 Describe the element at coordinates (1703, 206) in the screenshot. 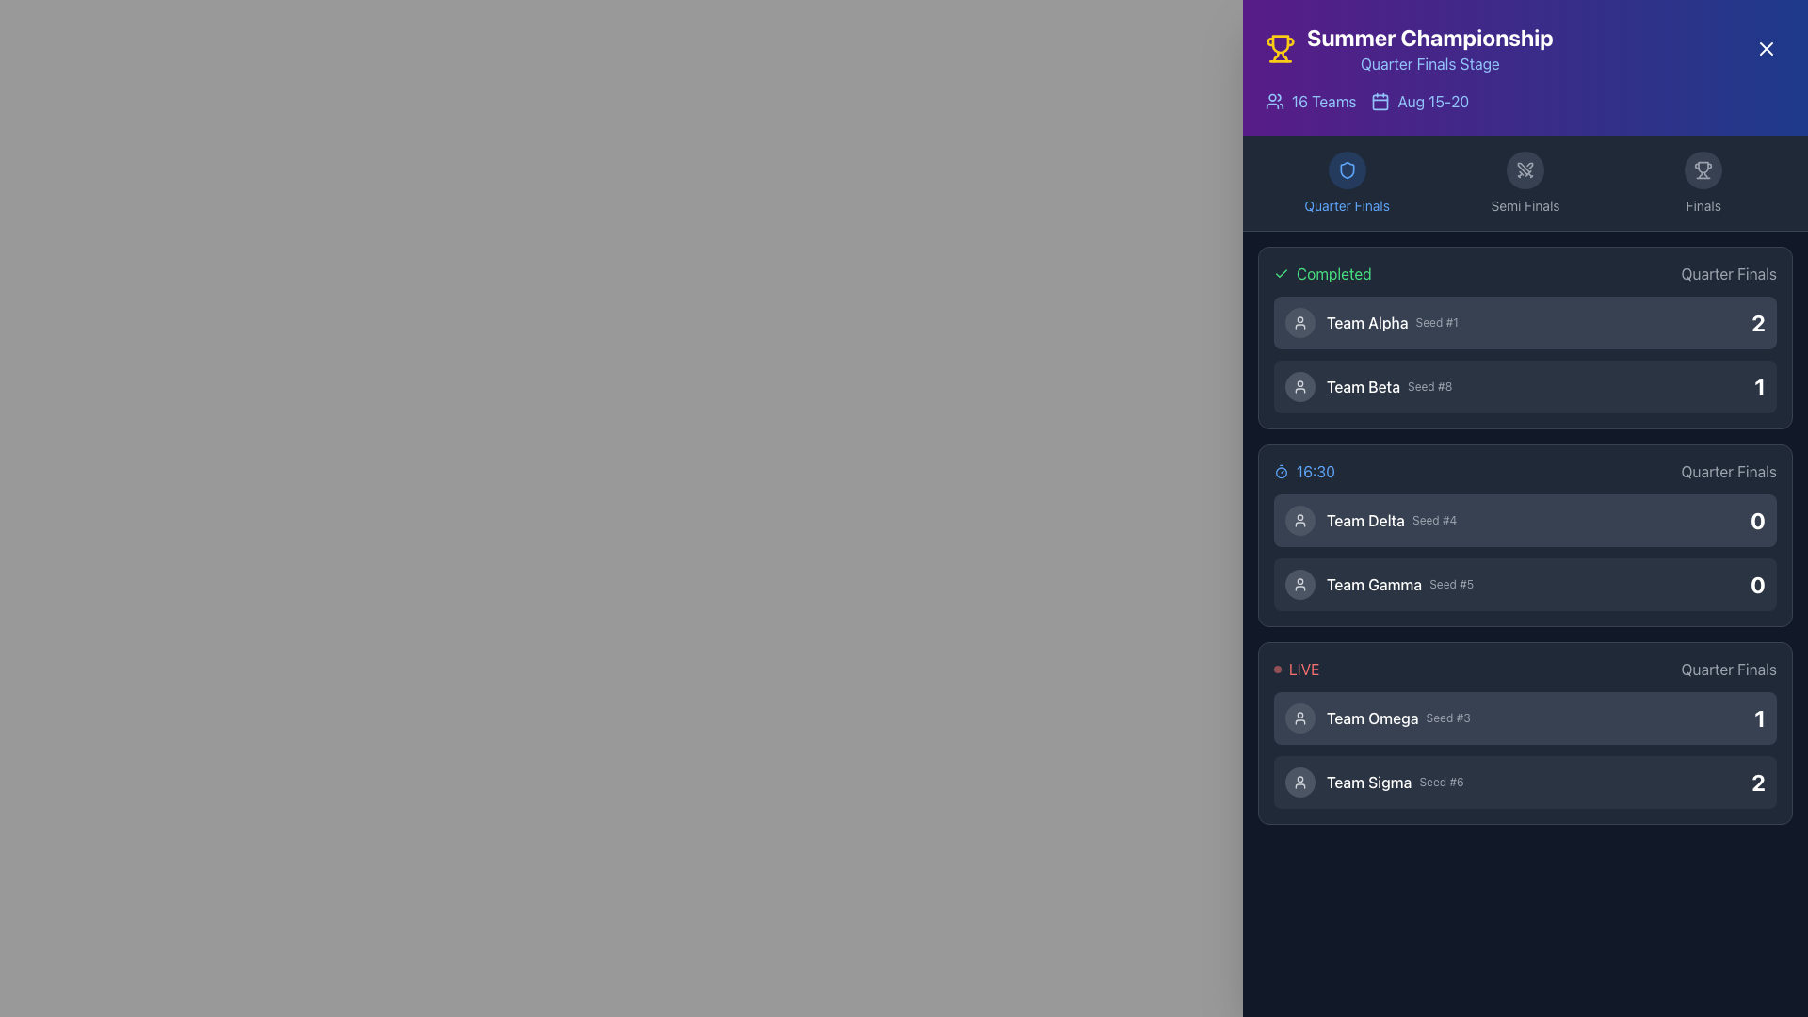

I see `the 'Finals' text label, which identifies the corresponding area in the navigation bar of the interface` at that location.